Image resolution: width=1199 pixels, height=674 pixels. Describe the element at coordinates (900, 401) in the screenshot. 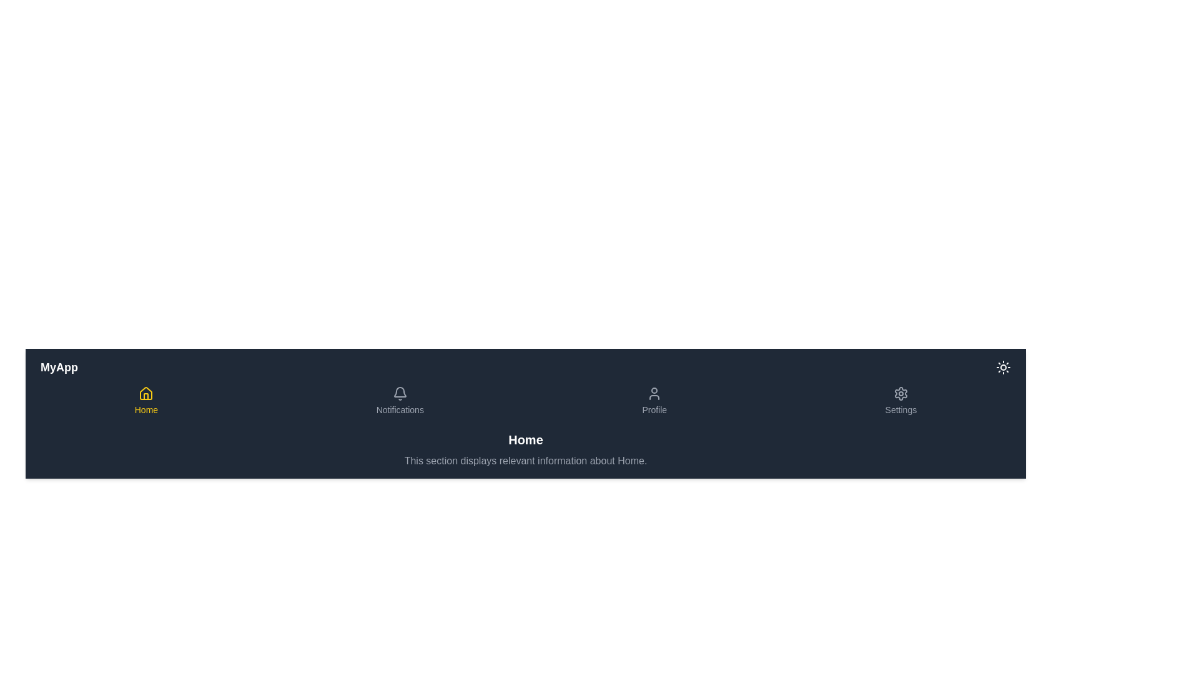

I see `the Settings tab by clicking on its button` at that location.